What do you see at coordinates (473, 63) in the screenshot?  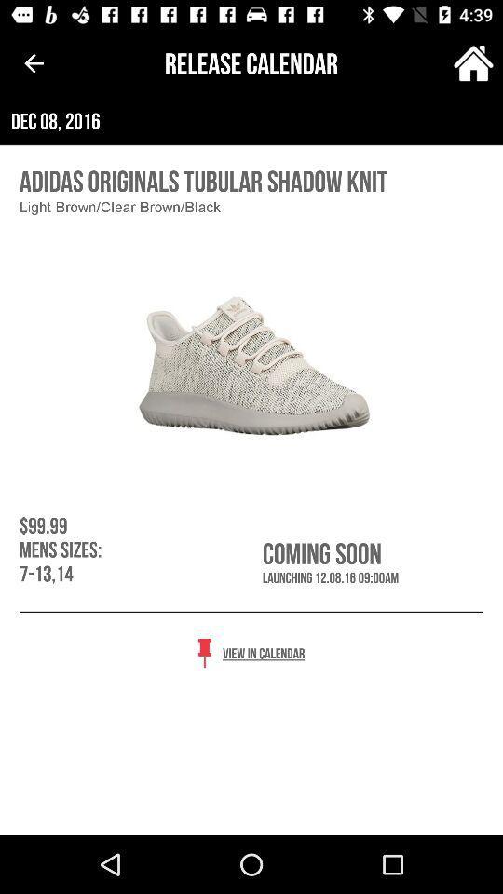 I see `item to the right of release calendar item` at bounding box center [473, 63].